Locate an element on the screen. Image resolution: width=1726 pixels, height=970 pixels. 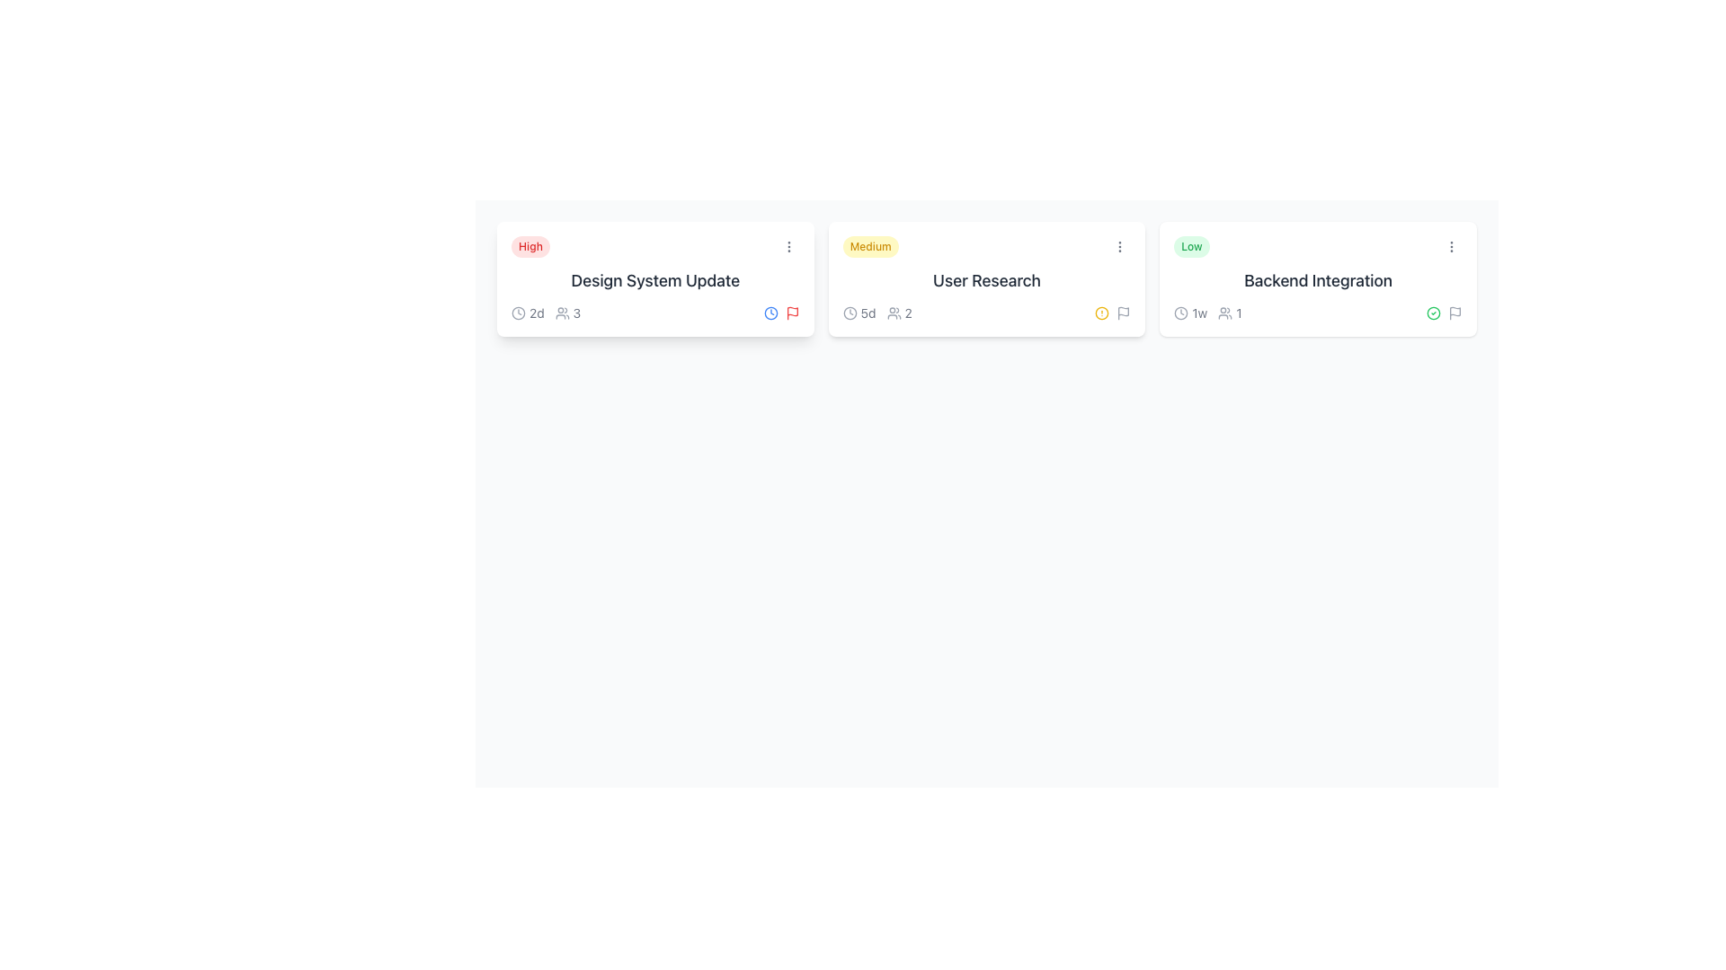
yellow circular outline SVG icon located in the 'User Research' card under the 'Medium' priority label is located at coordinates (1101, 312).